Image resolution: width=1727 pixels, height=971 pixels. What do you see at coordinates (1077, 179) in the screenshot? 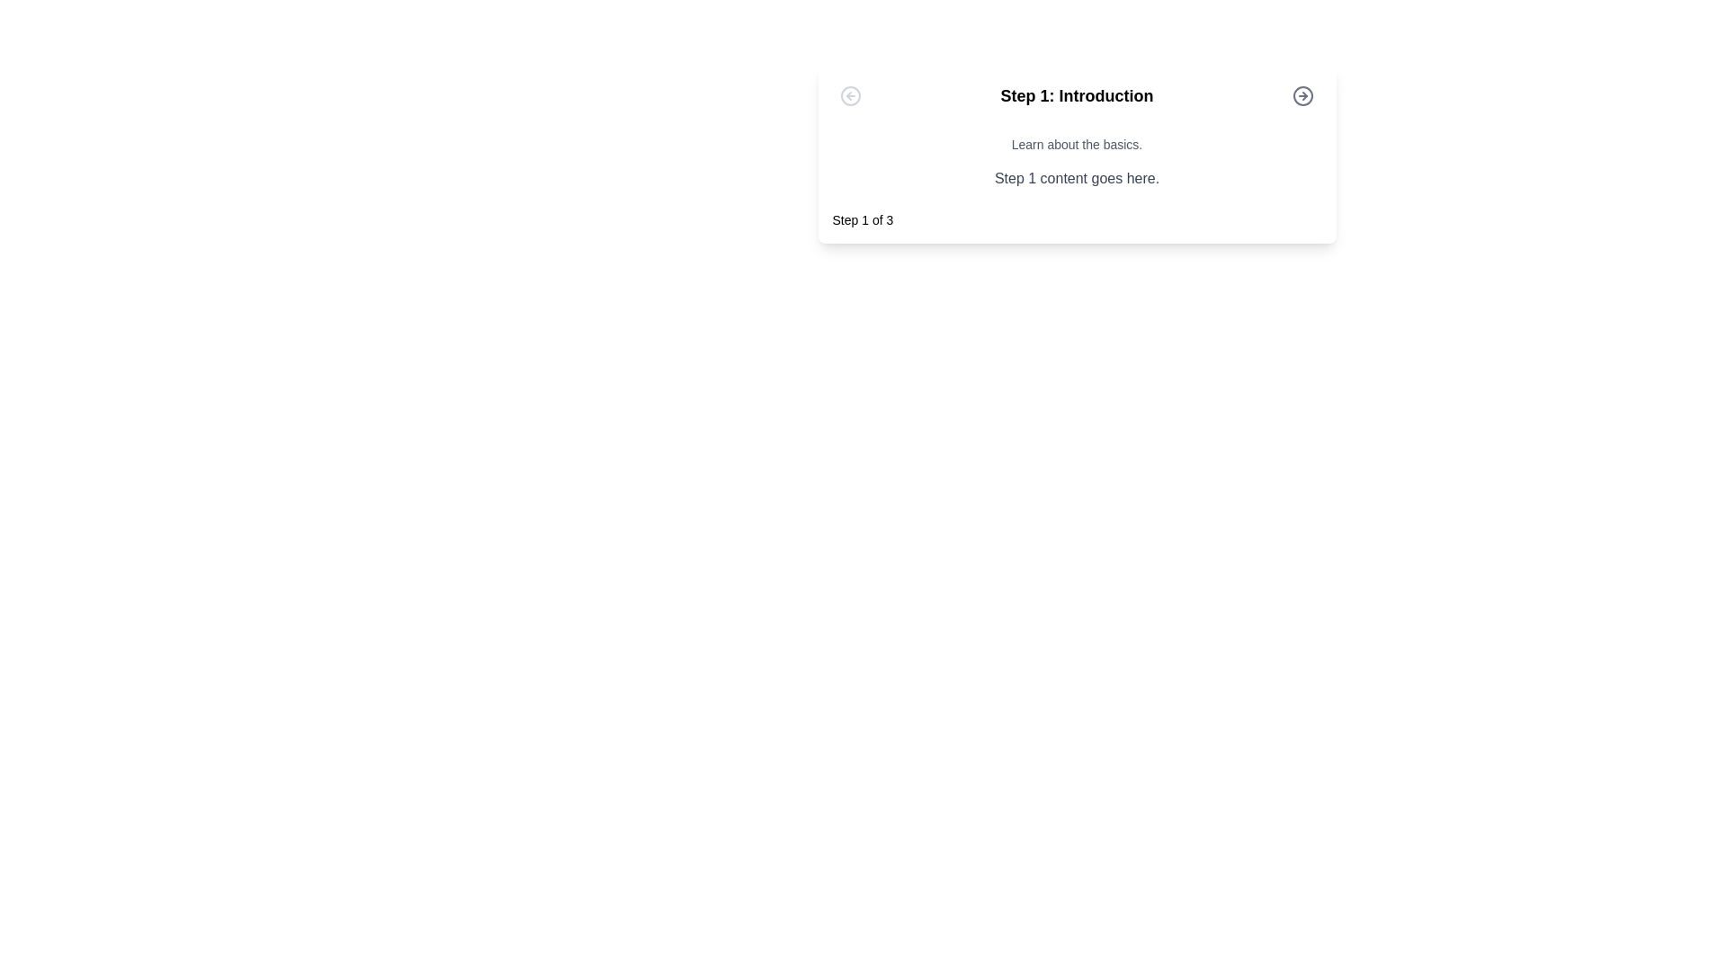
I see `the informational text block that provides additional details about the content of Step 1, positioned below 'Learn about the basics.' and above 'Step 1 of 3'` at bounding box center [1077, 179].